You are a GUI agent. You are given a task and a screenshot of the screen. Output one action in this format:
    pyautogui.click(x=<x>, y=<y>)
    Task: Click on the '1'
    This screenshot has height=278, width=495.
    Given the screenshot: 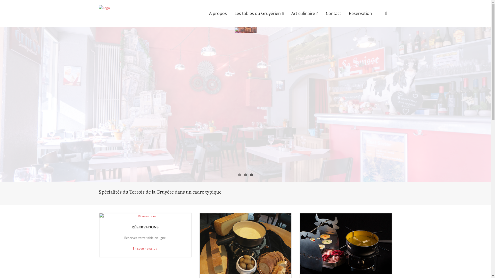 What is the action you would take?
    pyautogui.click(x=239, y=175)
    